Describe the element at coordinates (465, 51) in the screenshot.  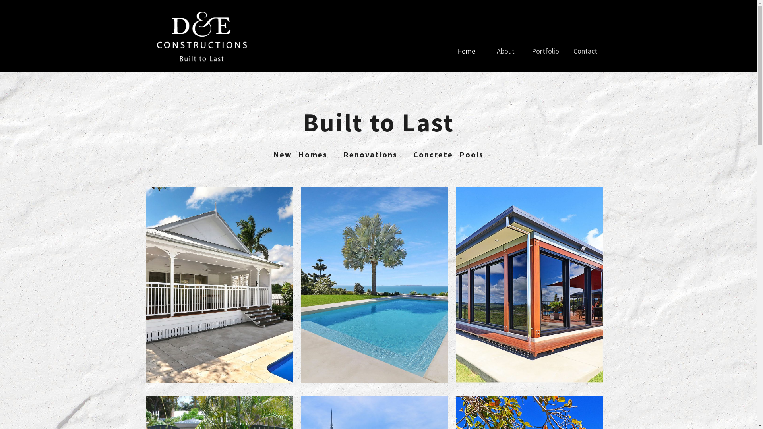
I see `'Home'` at that location.